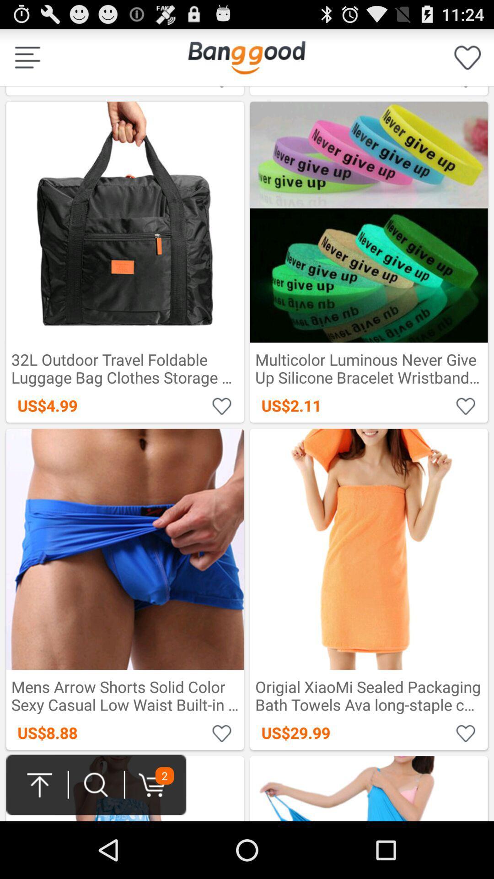  Describe the element at coordinates (467, 57) in the screenshot. I see `icon next to us$1.59 app` at that location.